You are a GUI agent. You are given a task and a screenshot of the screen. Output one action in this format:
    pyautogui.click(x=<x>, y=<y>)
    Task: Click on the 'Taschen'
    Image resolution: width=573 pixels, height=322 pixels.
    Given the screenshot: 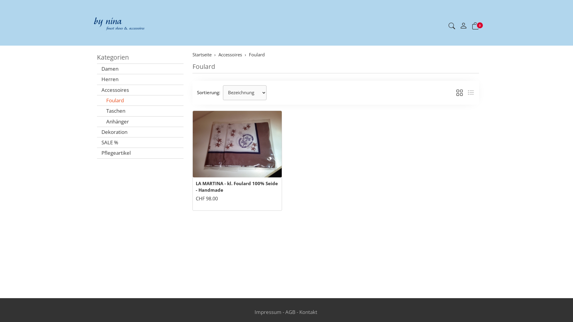 What is the action you would take?
    pyautogui.click(x=140, y=111)
    